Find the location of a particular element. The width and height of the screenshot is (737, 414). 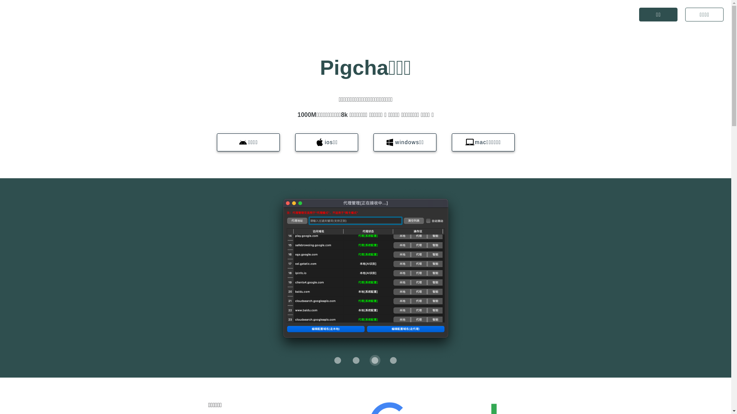

'2' is located at coordinates (375, 360).